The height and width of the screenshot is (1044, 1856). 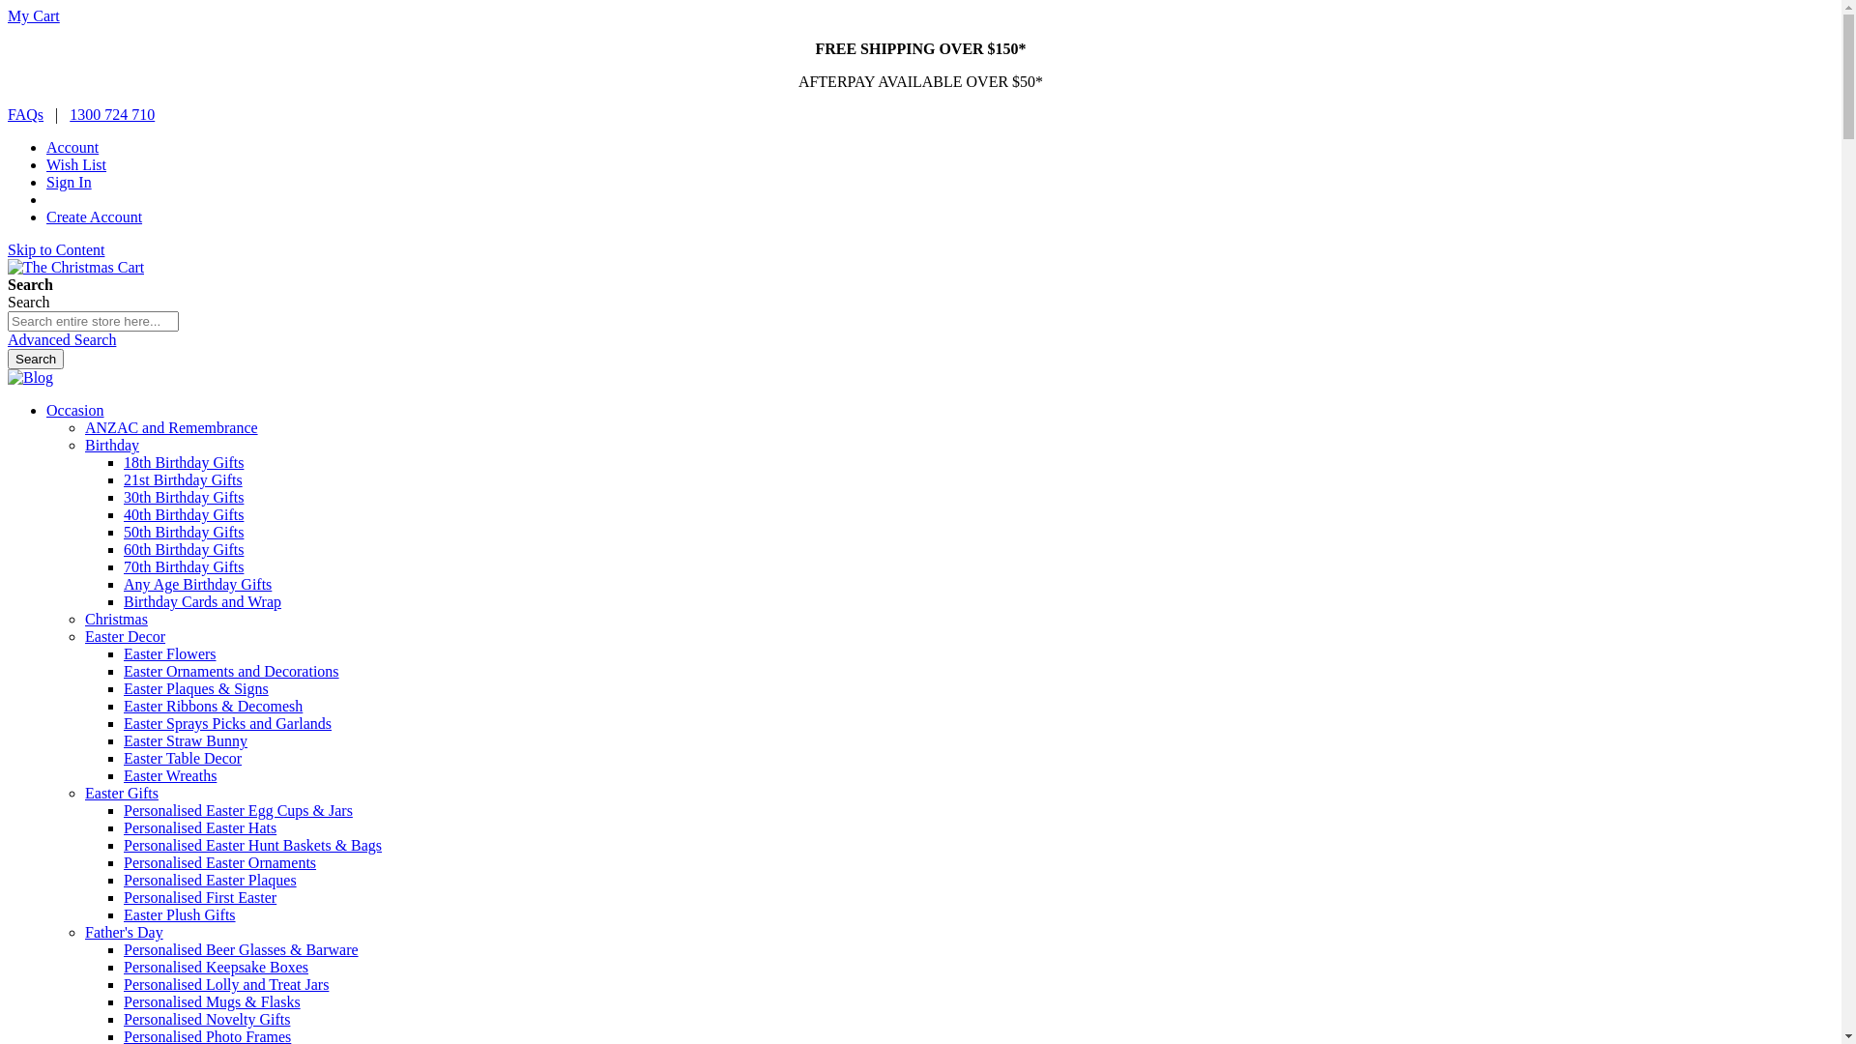 What do you see at coordinates (123, 880) in the screenshot?
I see `'Personalised Easter Plaques'` at bounding box center [123, 880].